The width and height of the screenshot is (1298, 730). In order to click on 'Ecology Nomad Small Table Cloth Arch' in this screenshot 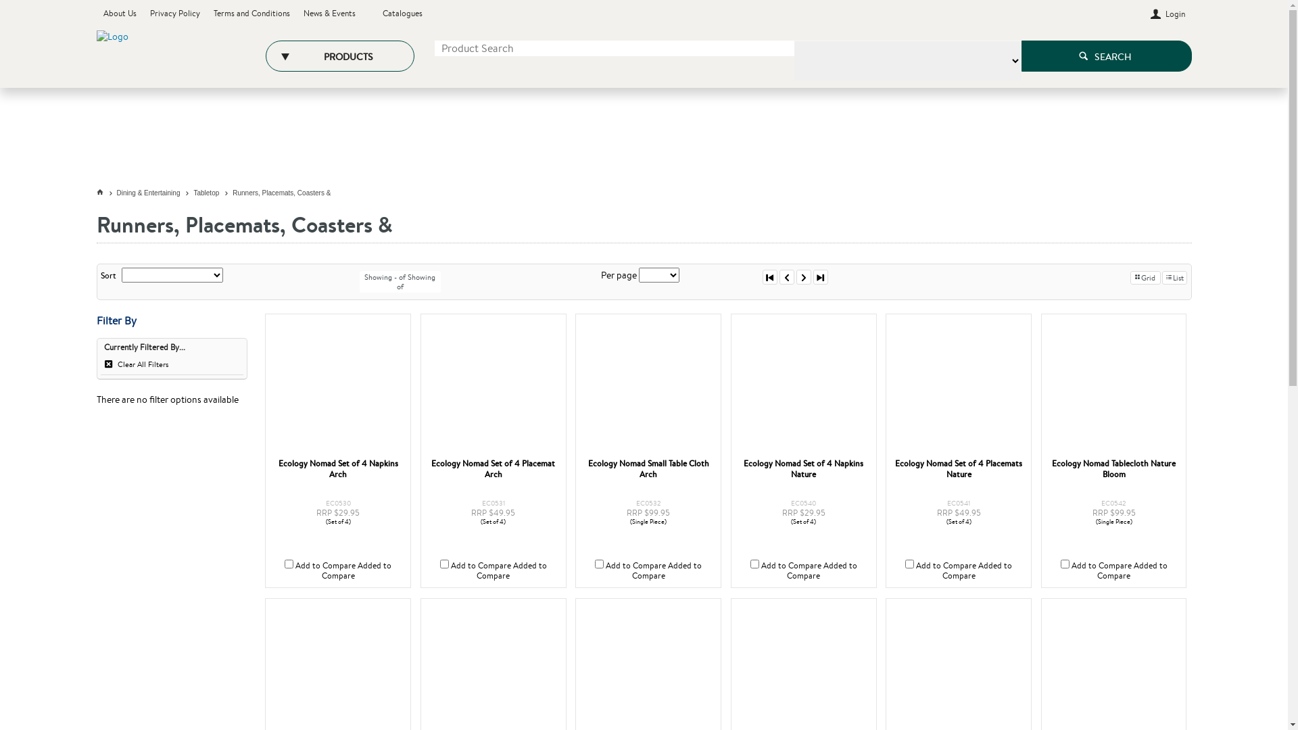, I will do `click(648, 386)`.